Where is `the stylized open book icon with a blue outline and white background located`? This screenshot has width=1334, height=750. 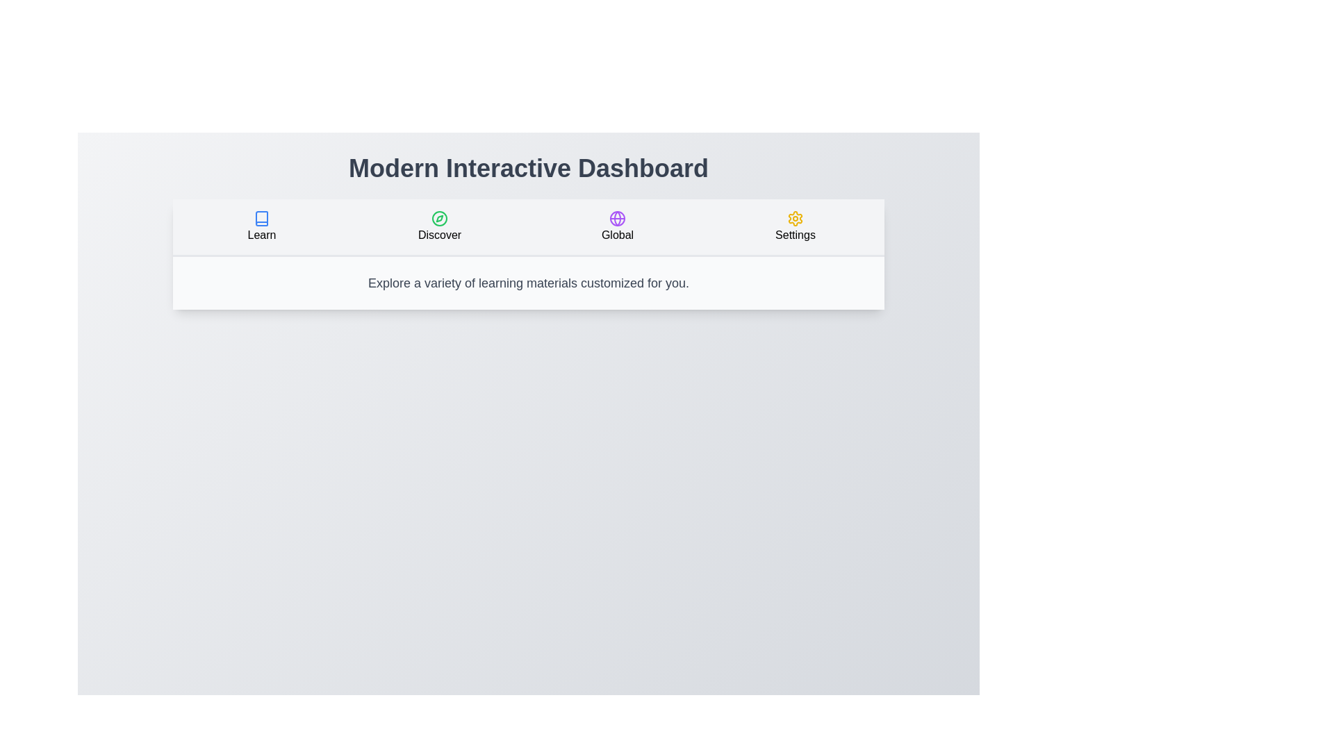 the stylized open book icon with a blue outline and white background located is located at coordinates (262, 219).